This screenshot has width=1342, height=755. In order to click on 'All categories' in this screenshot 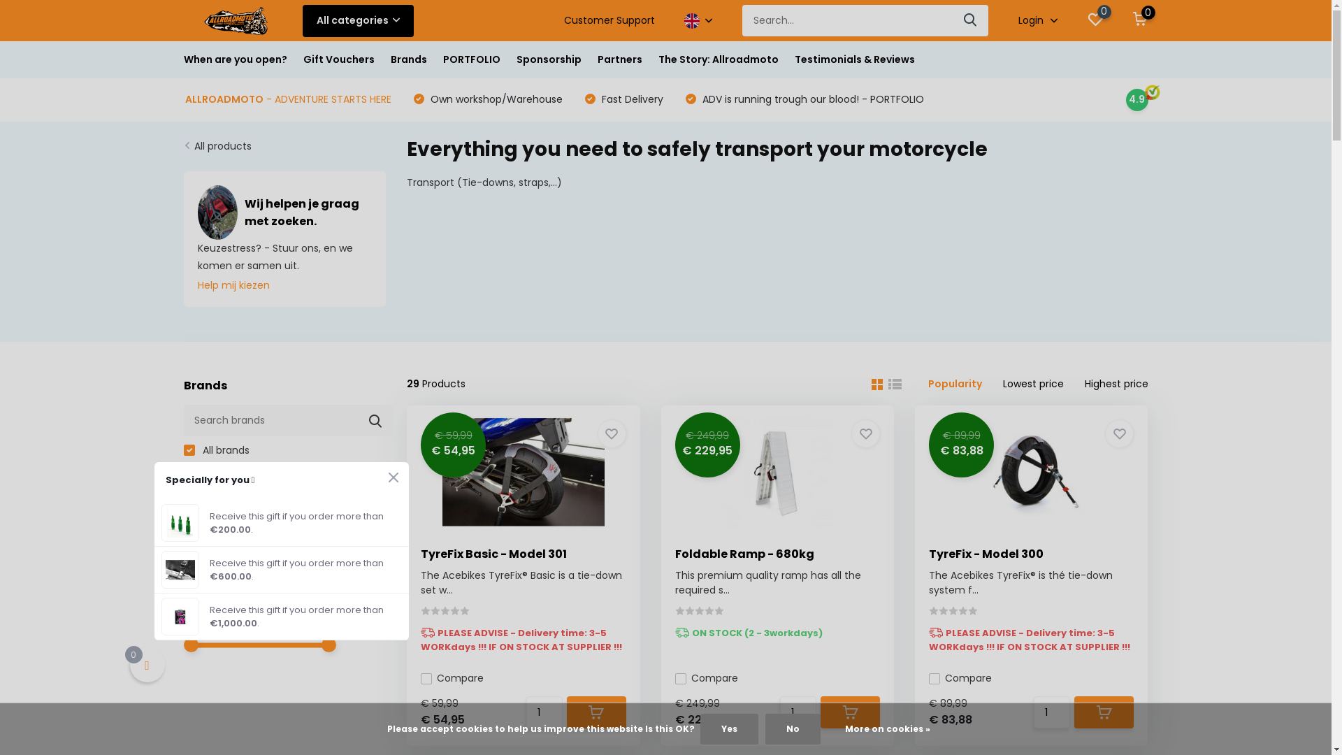, I will do `click(301, 20)`.